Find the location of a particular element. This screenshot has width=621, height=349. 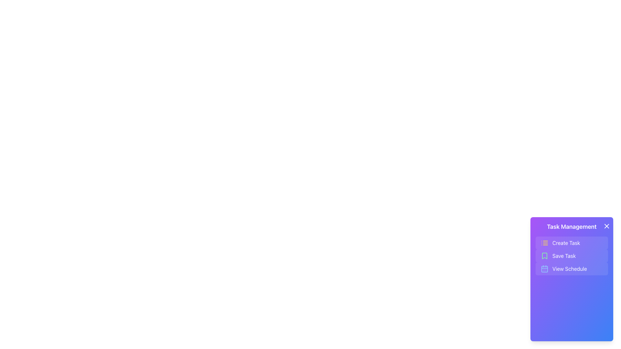

the calendar icon with a grid design and rounded corners, which is styled with a light blue color and is located to the left of the 'View Schedule' text in the 'Task Management' panel is located at coordinates (544, 269).